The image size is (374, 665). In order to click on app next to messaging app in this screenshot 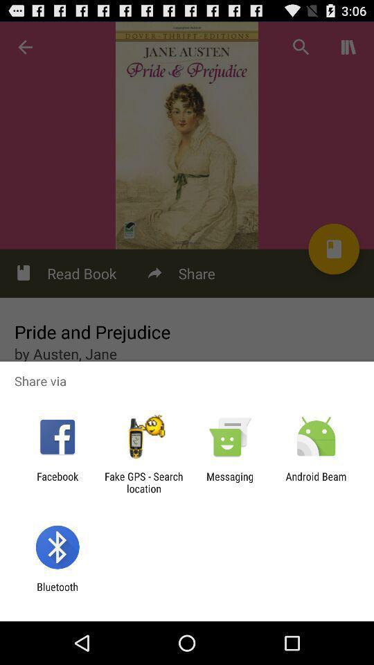, I will do `click(143, 482)`.